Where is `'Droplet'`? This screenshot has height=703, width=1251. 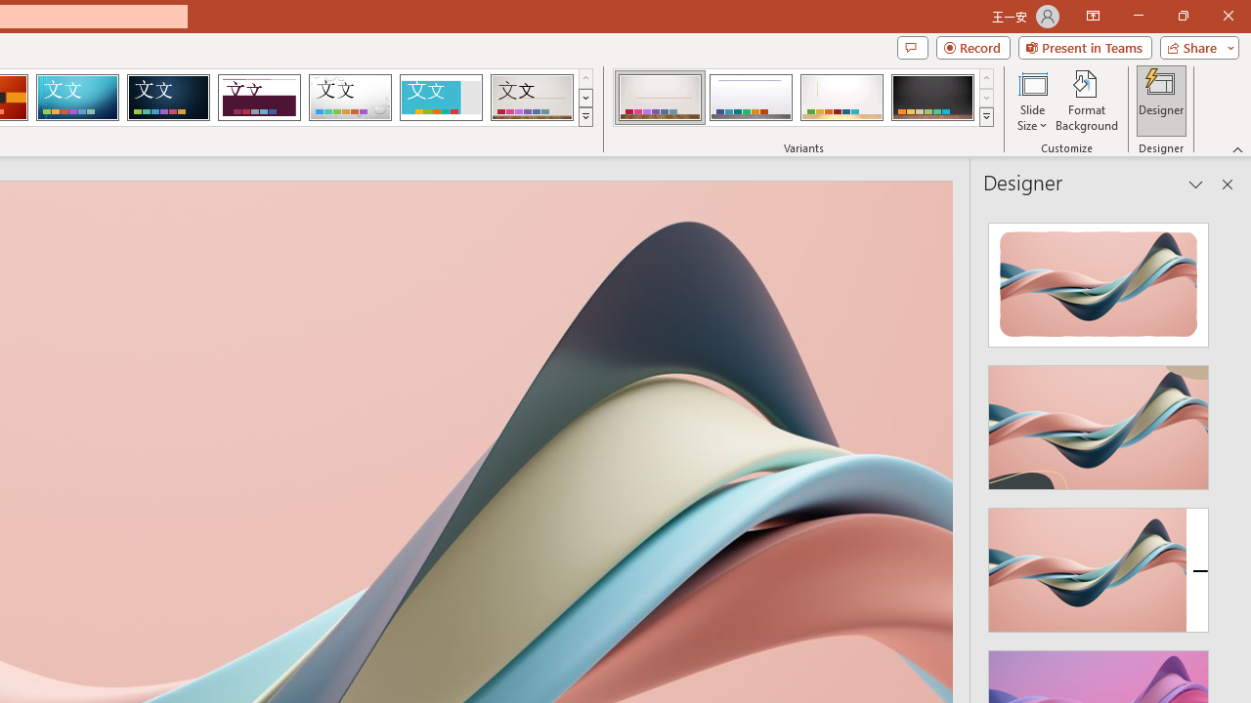 'Droplet' is located at coordinates (350, 98).